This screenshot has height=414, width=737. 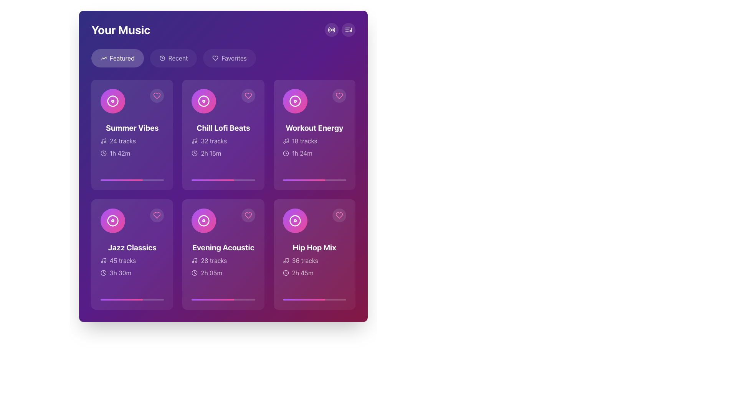 I want to click on the 'Favorites' text label, which is embedded within a button in a navigation toolbar, so click(x=233, y=58).